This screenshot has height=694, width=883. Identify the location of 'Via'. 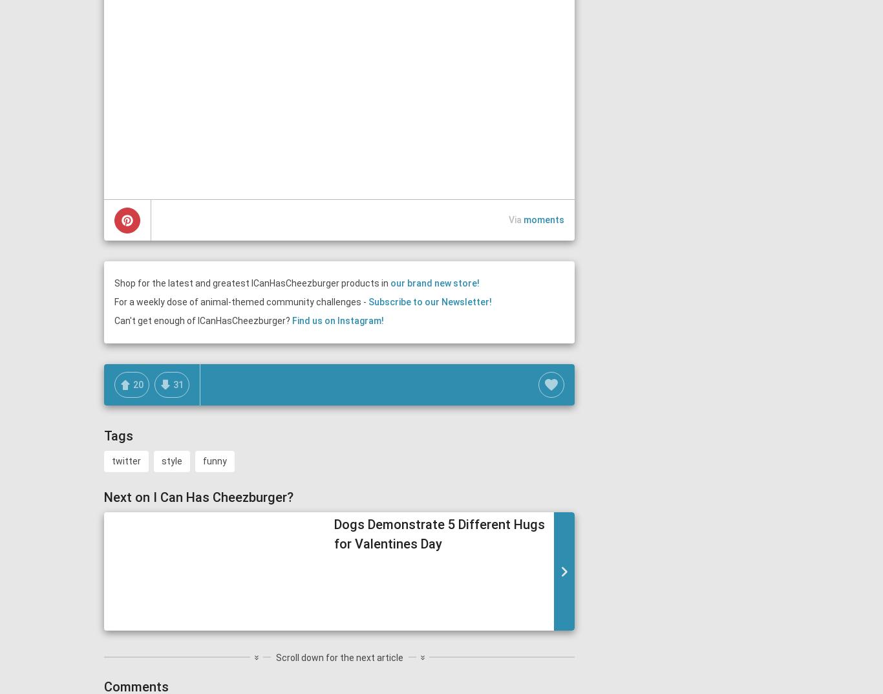
(515, 220).